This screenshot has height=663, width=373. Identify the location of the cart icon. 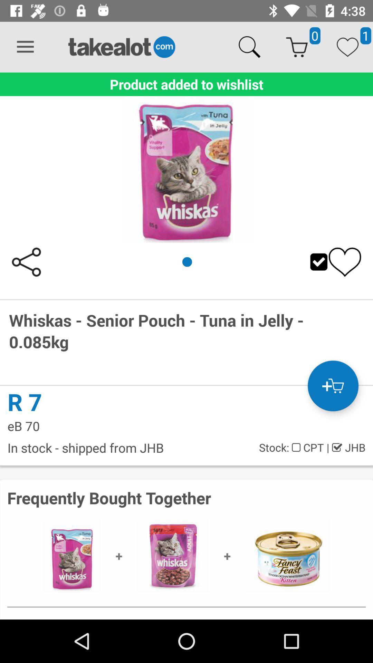
(333, 385).